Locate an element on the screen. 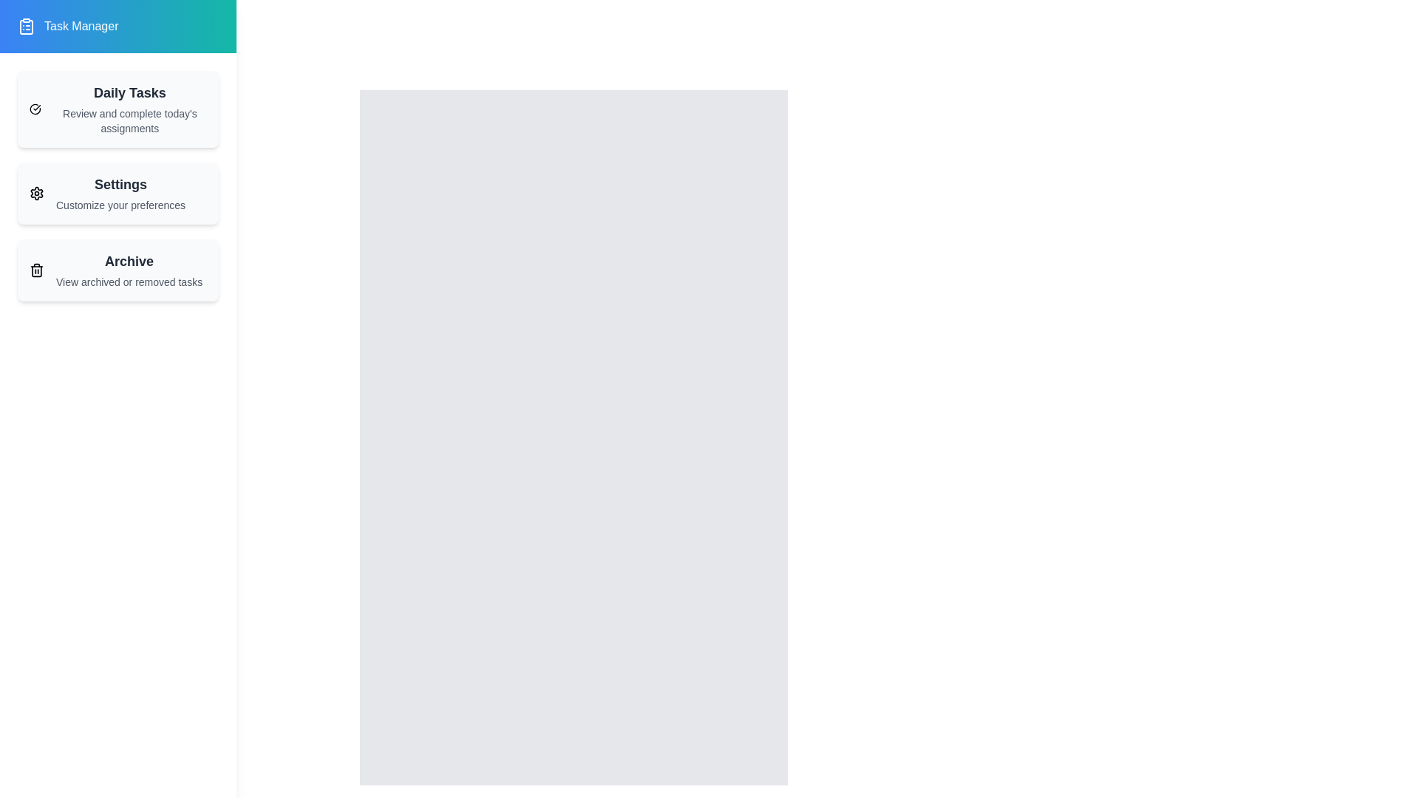 The height and width of the screenshot is (798, 1419). the 'Archive' item in the TaskManagementDrawer is located at coordinates (117, 270).